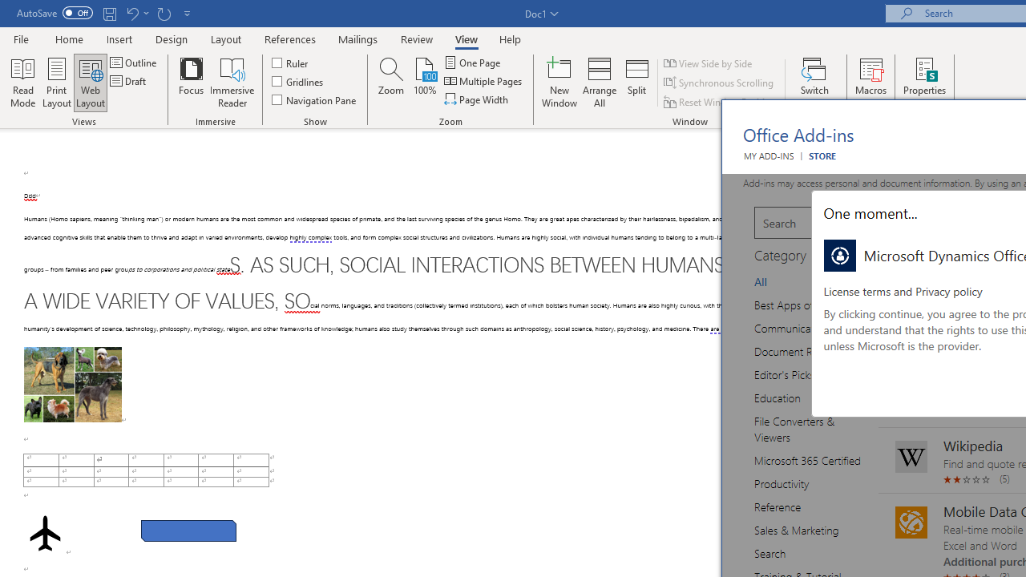 The image size is (1026, 577). What do you see at coordinates (476, 99) in the screenshot?
I see `'Page Width'` at bounding box center [476, 99].